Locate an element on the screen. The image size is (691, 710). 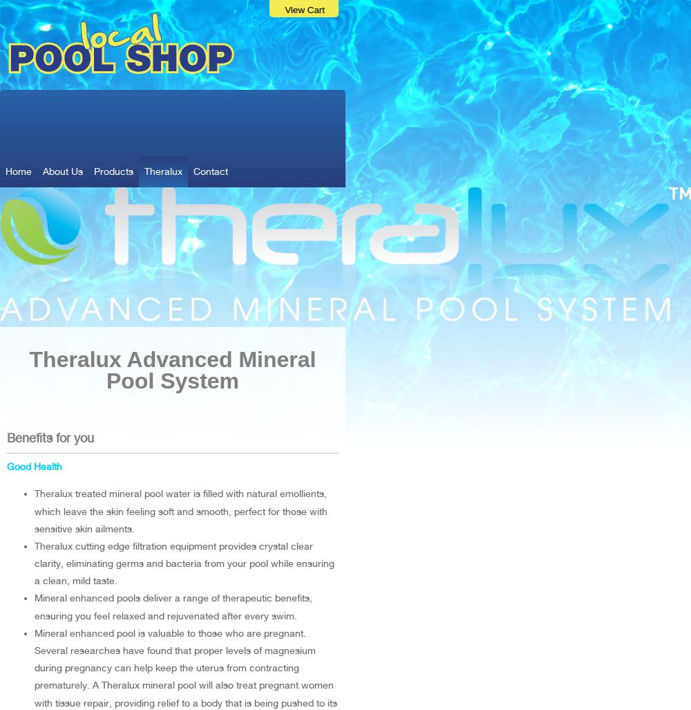
'sales@localpoolshop.com.au' is located at coordinates (244, 129).